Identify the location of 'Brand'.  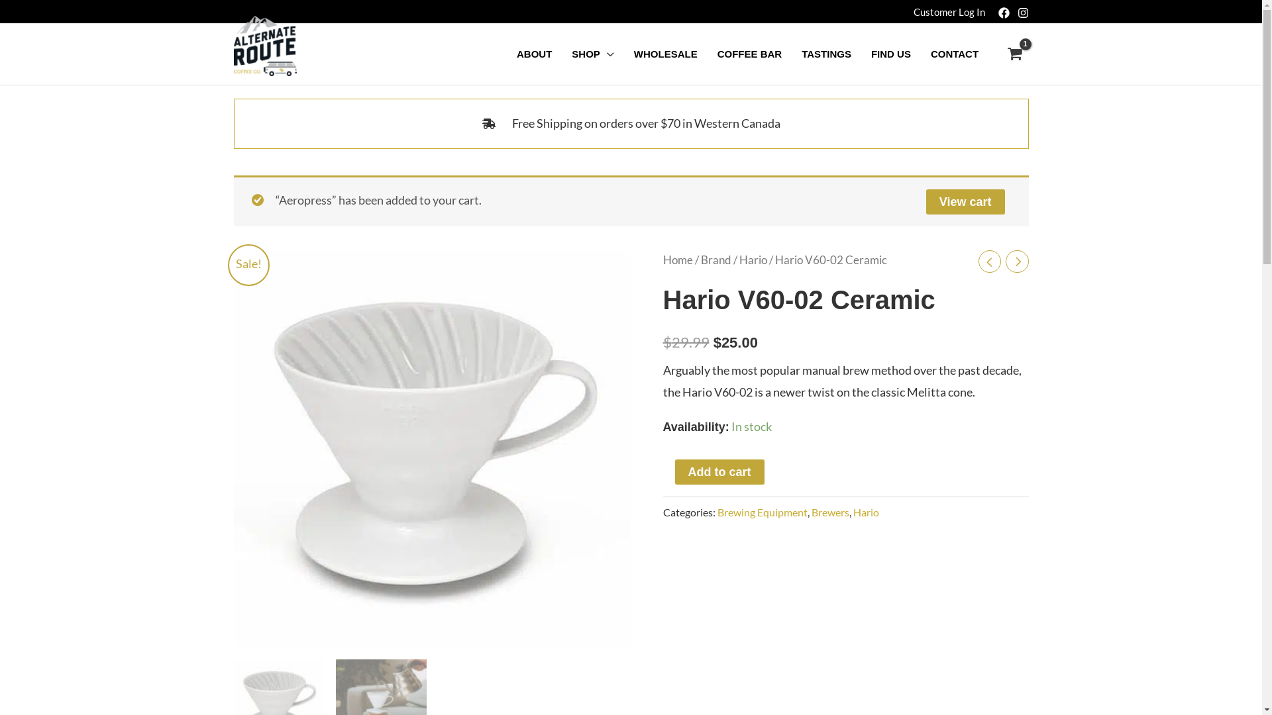
(715, 260).